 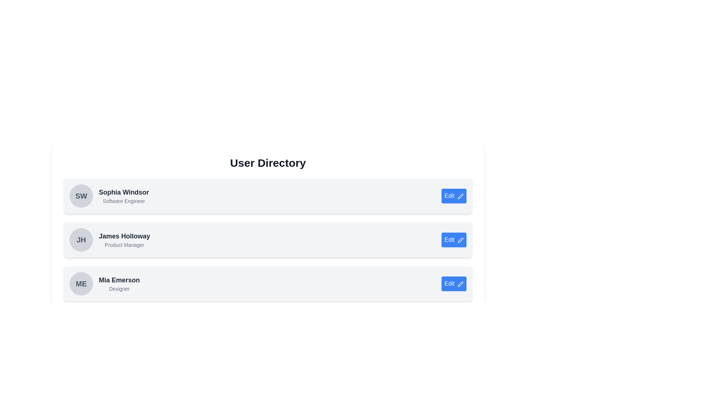 What do you see at coordinates (119, 283) in the screenshot?
I see `the text element displaying 'Mia Emerson' and 'Designer' located in the User Directory, positioned to the right of the avatar labeled 'ME'` at bounding box center [119, 283].